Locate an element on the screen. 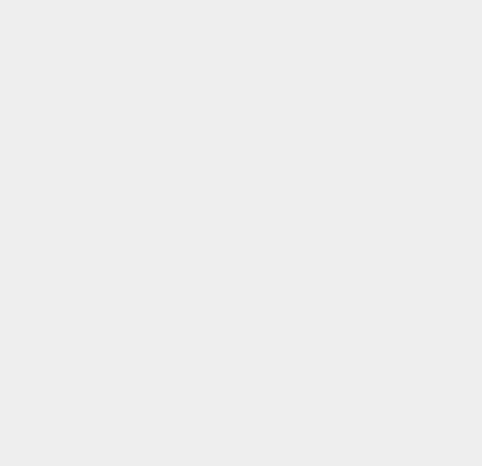 The height and width of the screenshot is (466, 482). 'Office 365' is located at coordinates (354, 188).